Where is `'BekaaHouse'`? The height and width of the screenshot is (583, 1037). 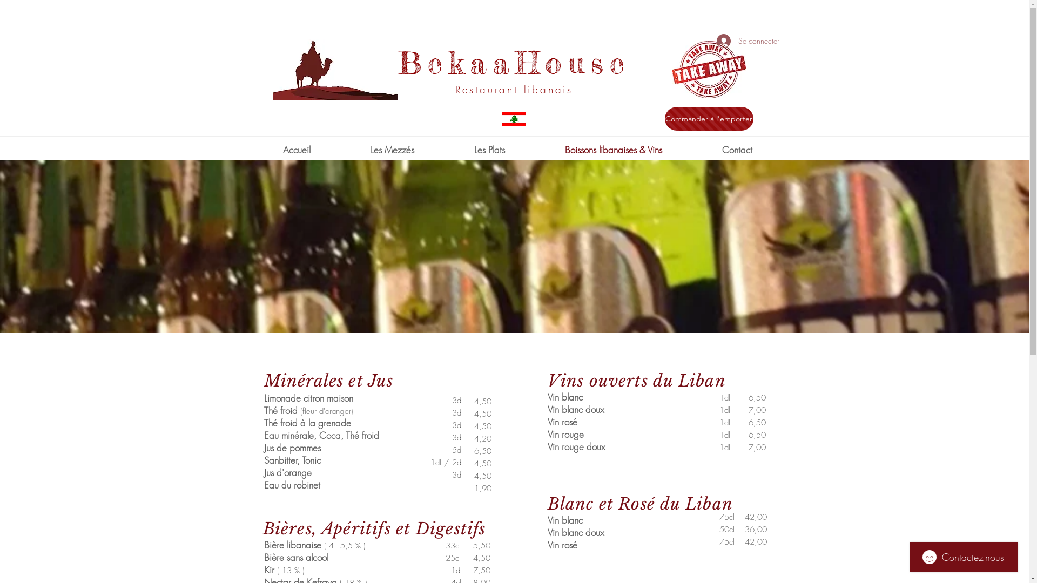
'BekaaHouse' is located at coordinates (513, 62).